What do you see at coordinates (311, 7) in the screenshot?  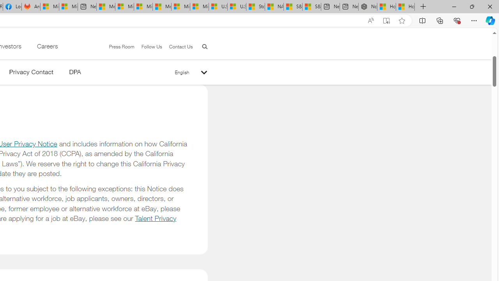 I see `'S&P 500, Nasdaq end lower, weighed by Nvidia dip | Watch'` at bounding box center [311, 7].